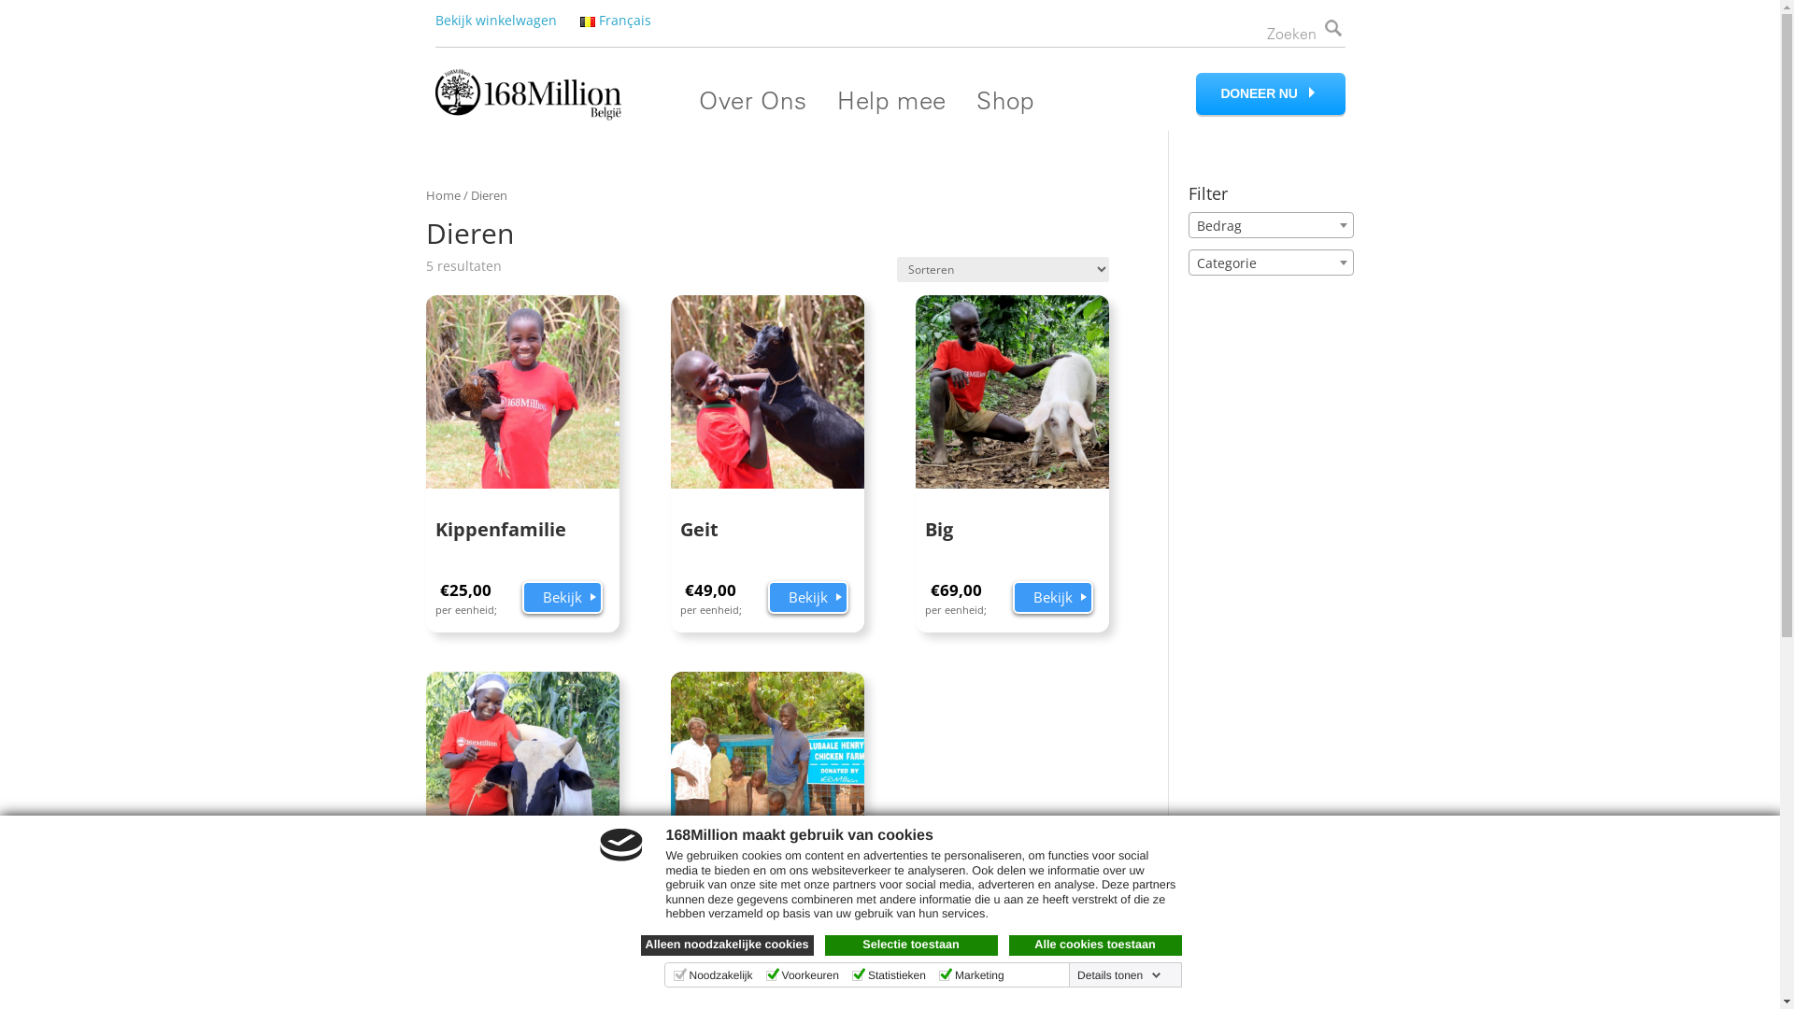 This screenshot has width=1794, height=1009. Describe the element at coordinates (671, 429) in the screenshot. I see `'Geit'` at that location.